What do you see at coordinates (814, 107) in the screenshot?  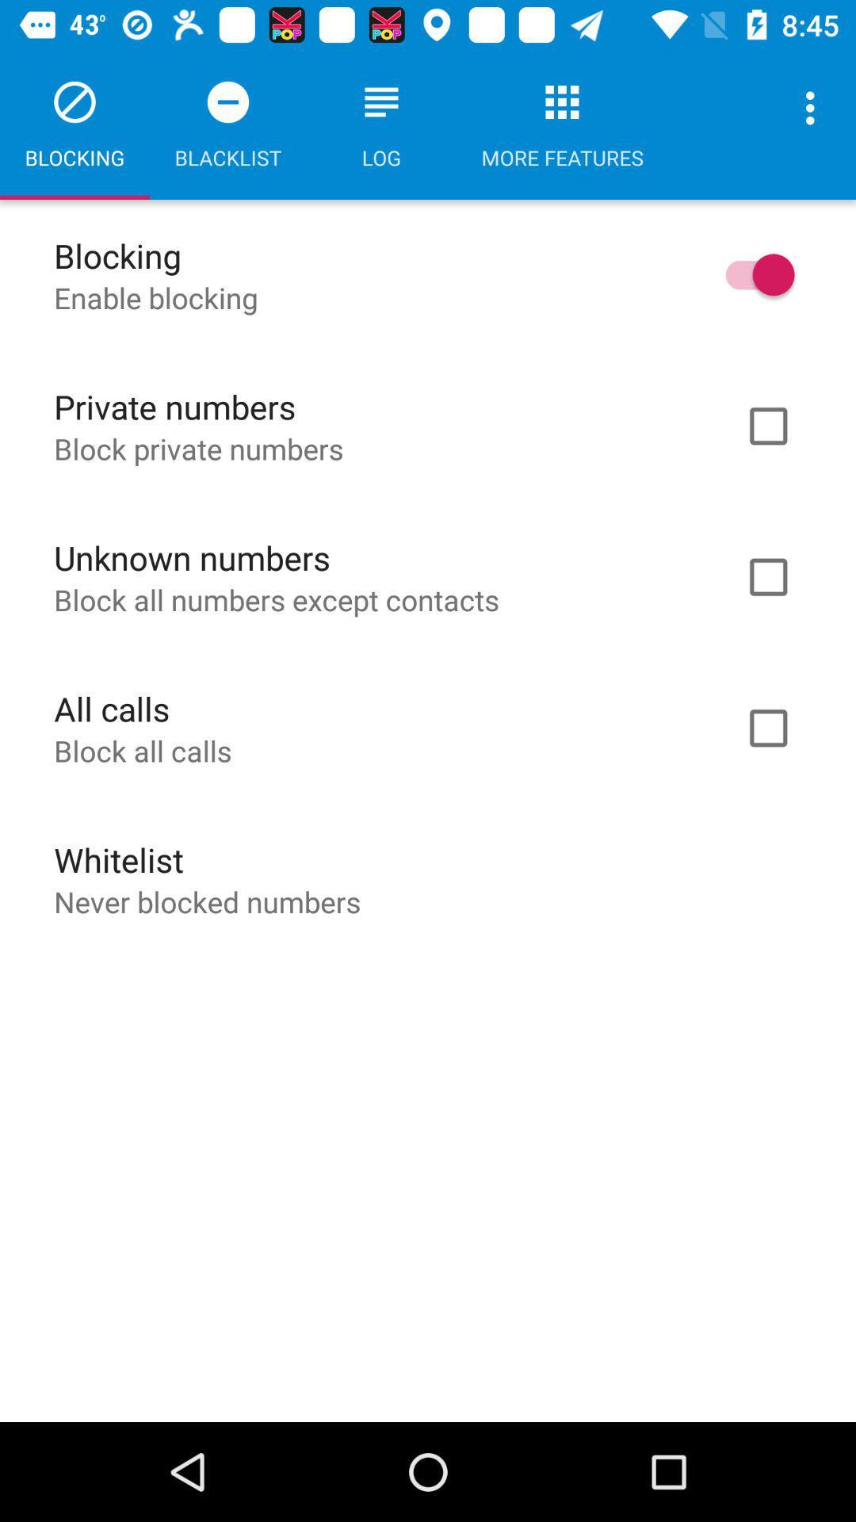 I see `item to the right of more features` at bounding box center [814, 107].